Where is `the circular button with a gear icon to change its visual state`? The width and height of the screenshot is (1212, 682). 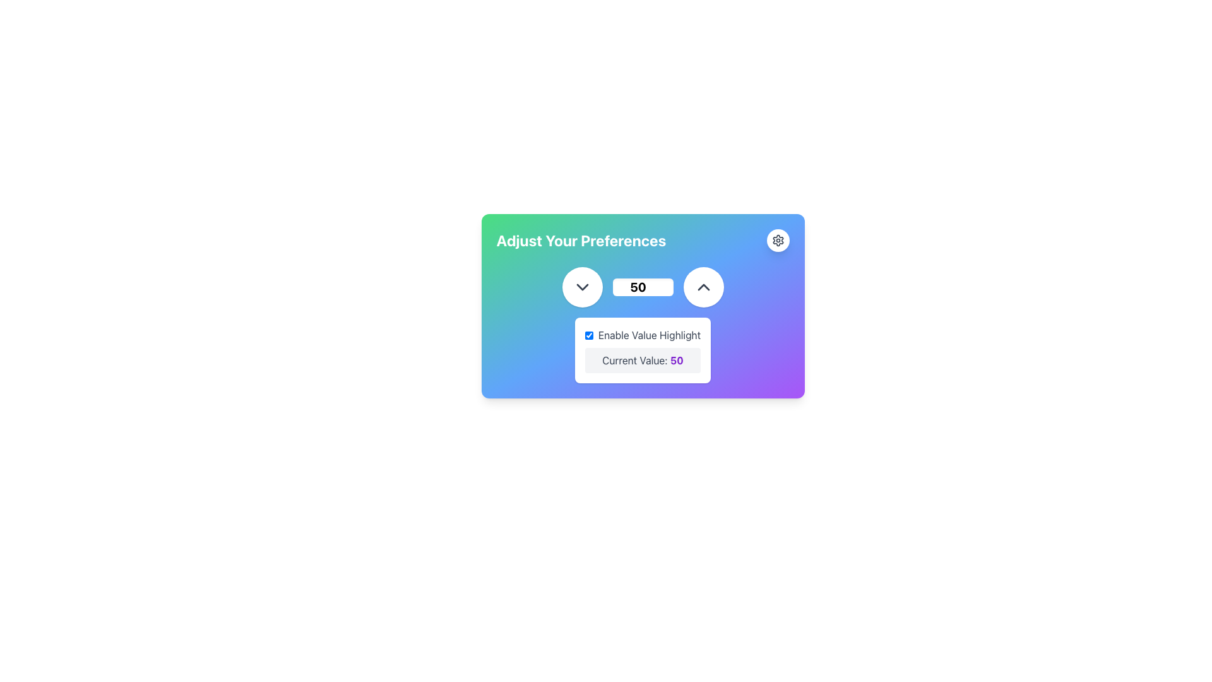 the circular button with a gear icon to change its visual state is located at coordinates (777, 241).